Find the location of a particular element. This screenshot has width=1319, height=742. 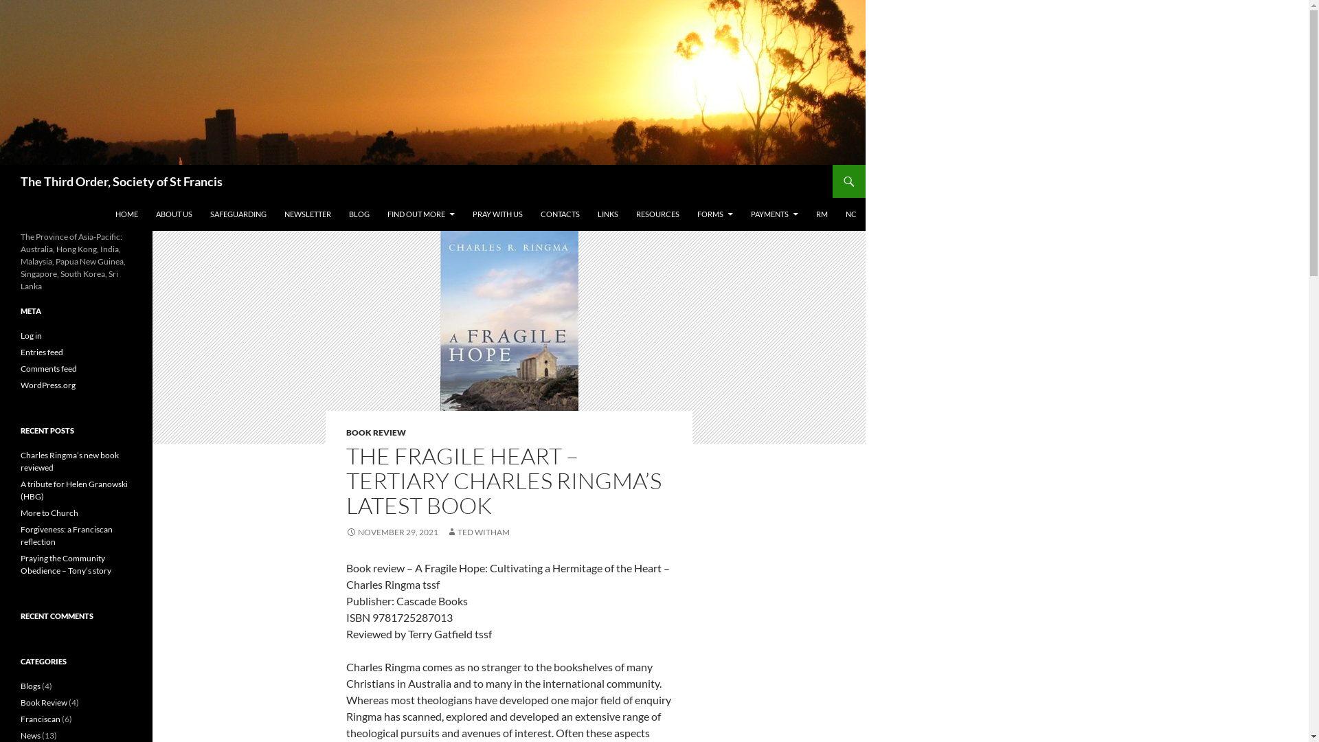

'CONTACTS' is located at coordinates (560, 214).